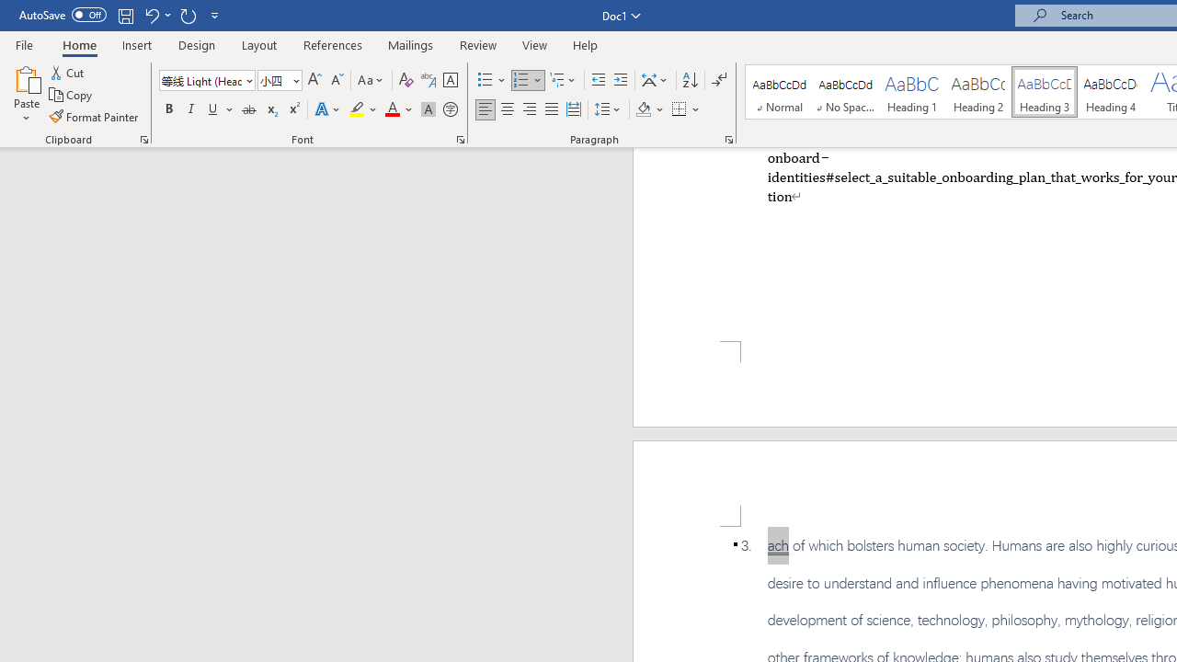  Describe the element at coordinates (337, 79) in the screenshot. I see `'Shrink Font'` at that location.